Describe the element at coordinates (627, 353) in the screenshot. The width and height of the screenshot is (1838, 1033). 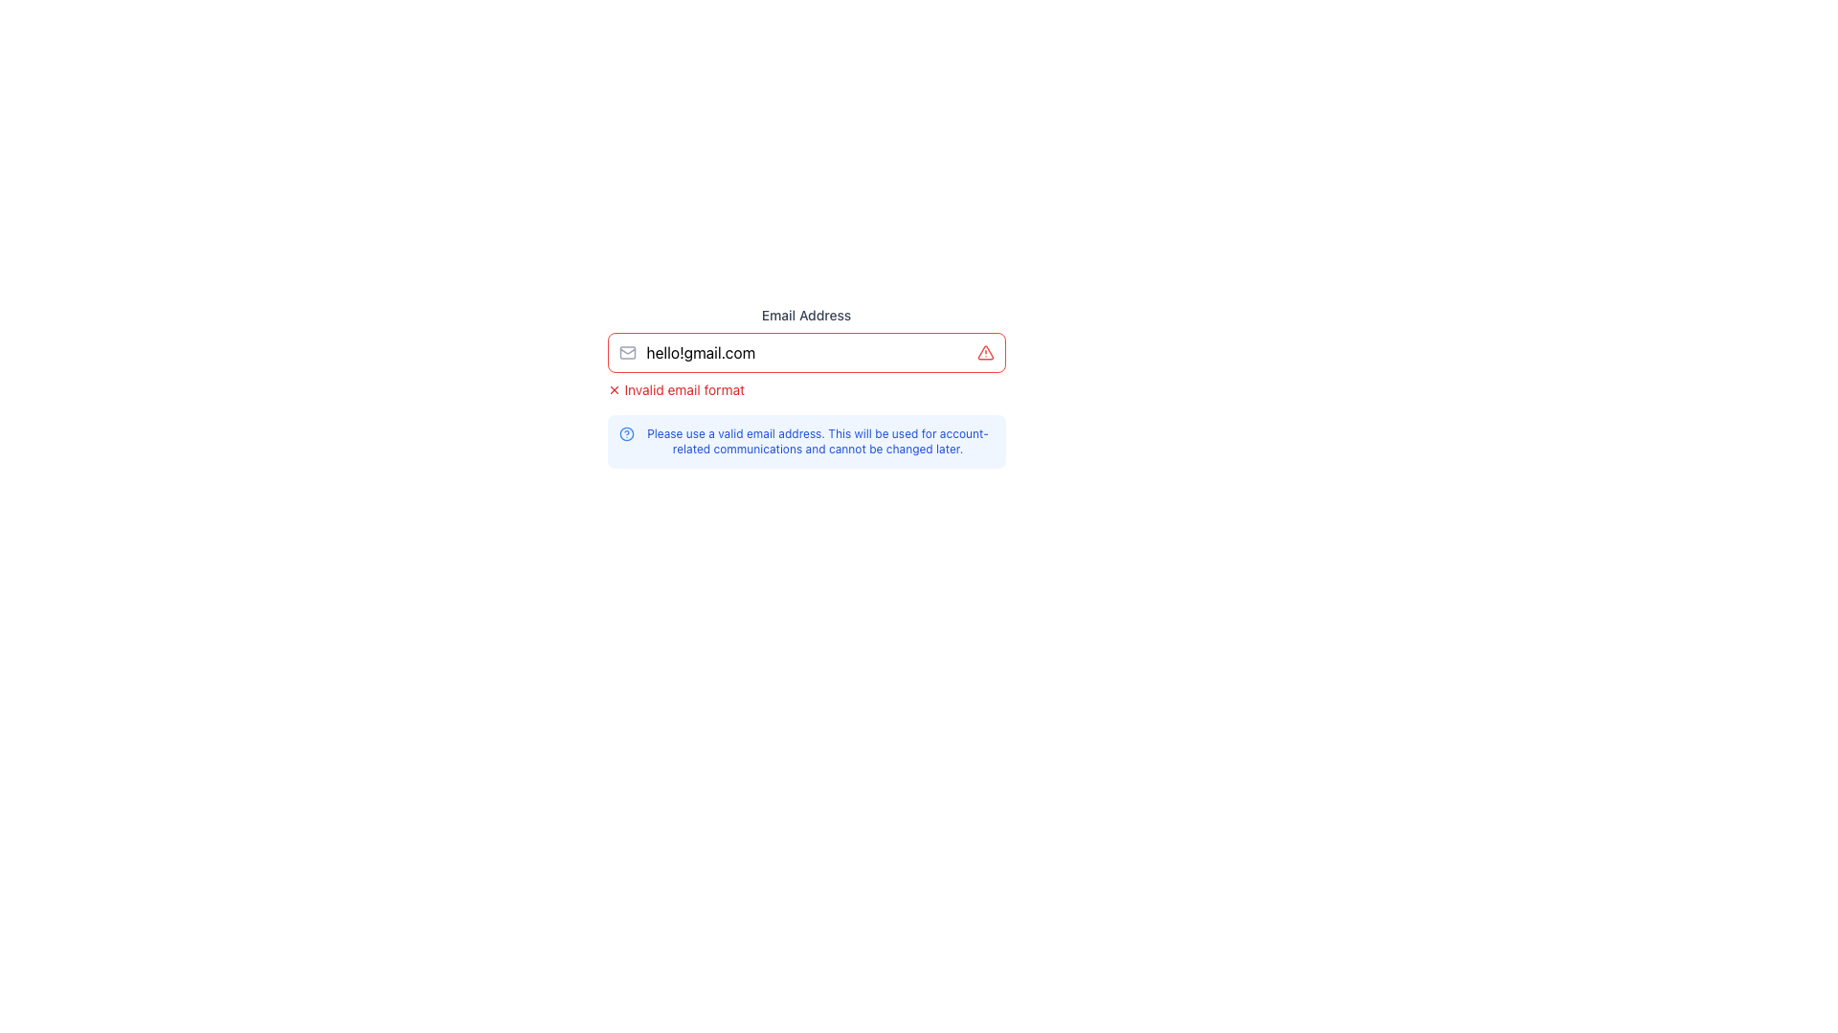
I see `the gray envelope icon, which is styled in line art and positioned to the left of the email input field` at that location.